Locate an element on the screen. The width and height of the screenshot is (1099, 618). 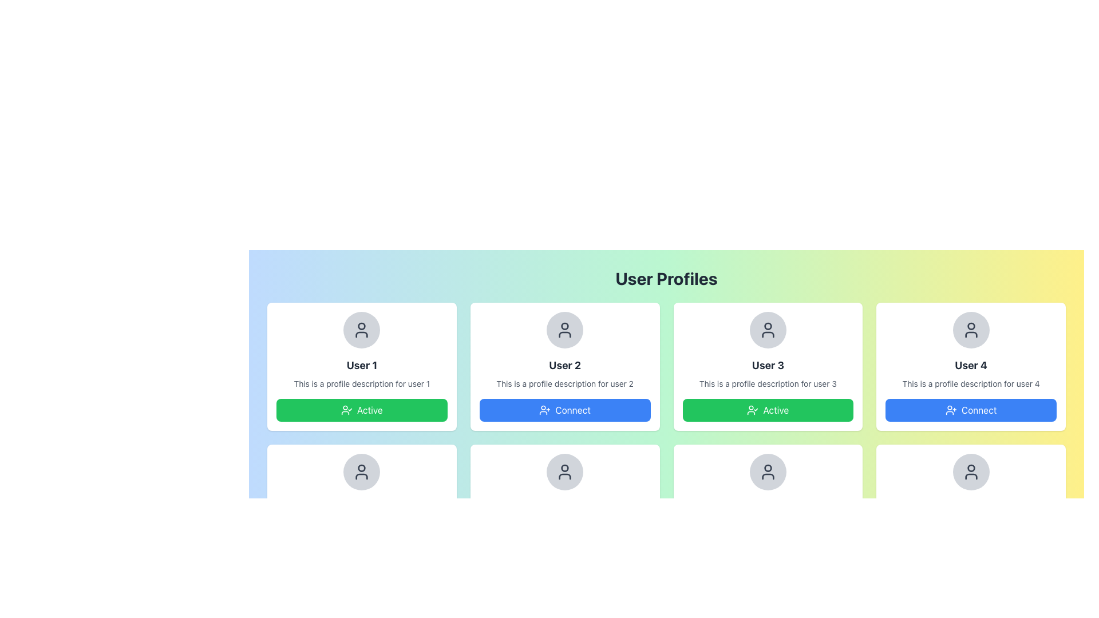
the avatar icon representing 'User 1' located at the top-center of the profile card, above the profile name and description is located at coordinates (361, 330).